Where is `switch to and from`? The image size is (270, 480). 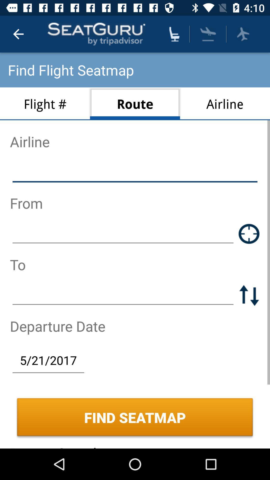
switch to and from is located at coordinates (249, 295).